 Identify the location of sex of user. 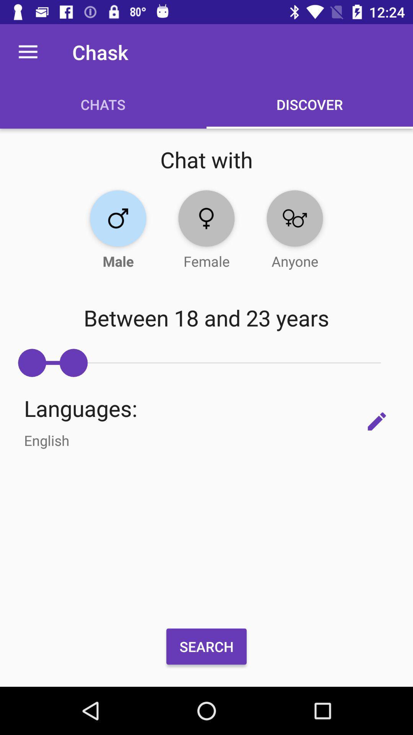
(118, 218).